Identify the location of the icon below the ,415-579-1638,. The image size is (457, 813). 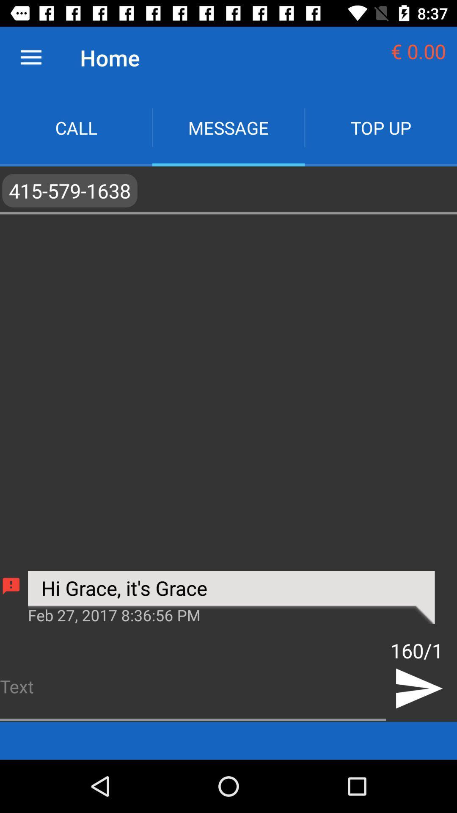
(231, 614).